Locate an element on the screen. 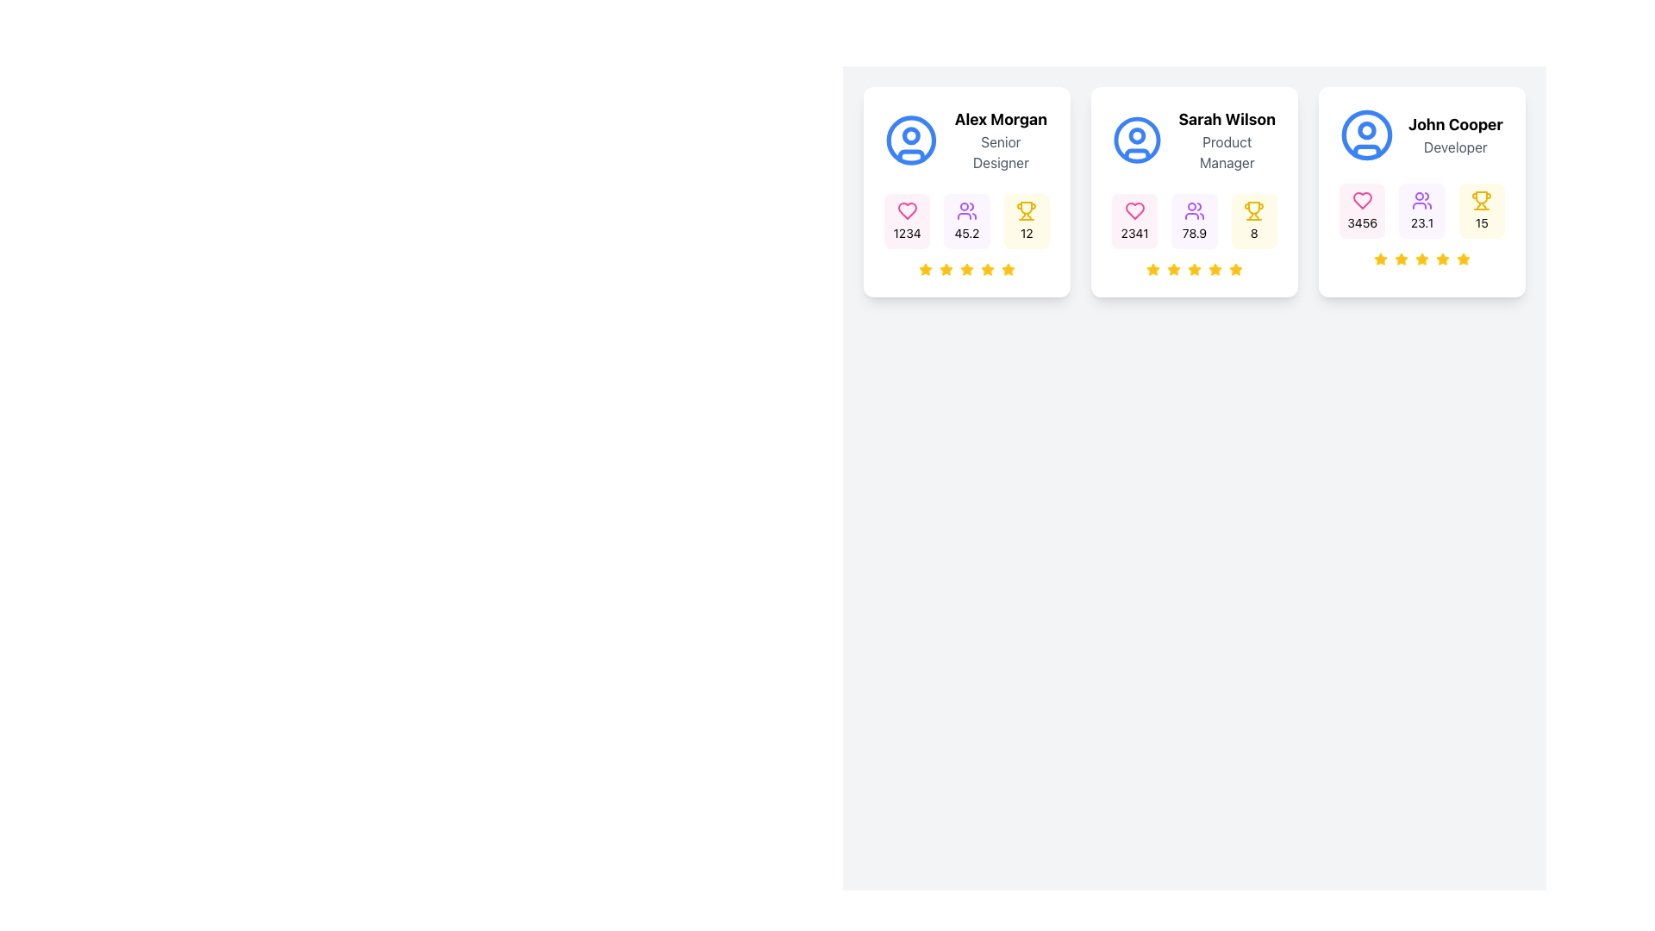  the fourth star icon in the five-star rating system for 'John Cooper' is located at coordinates (1422, 259).